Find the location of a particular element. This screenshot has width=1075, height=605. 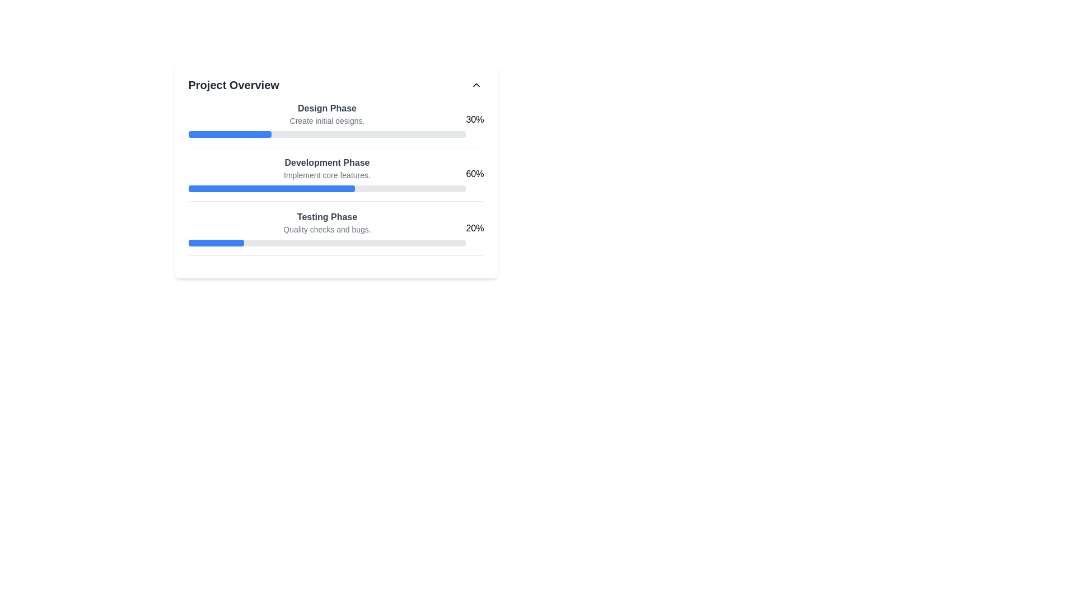

the text block that describes the progress of the 'Testing Phase' in the project overview section, located between the 'Development Phase' and a horizontal separator is located at coordinates (326, 228).